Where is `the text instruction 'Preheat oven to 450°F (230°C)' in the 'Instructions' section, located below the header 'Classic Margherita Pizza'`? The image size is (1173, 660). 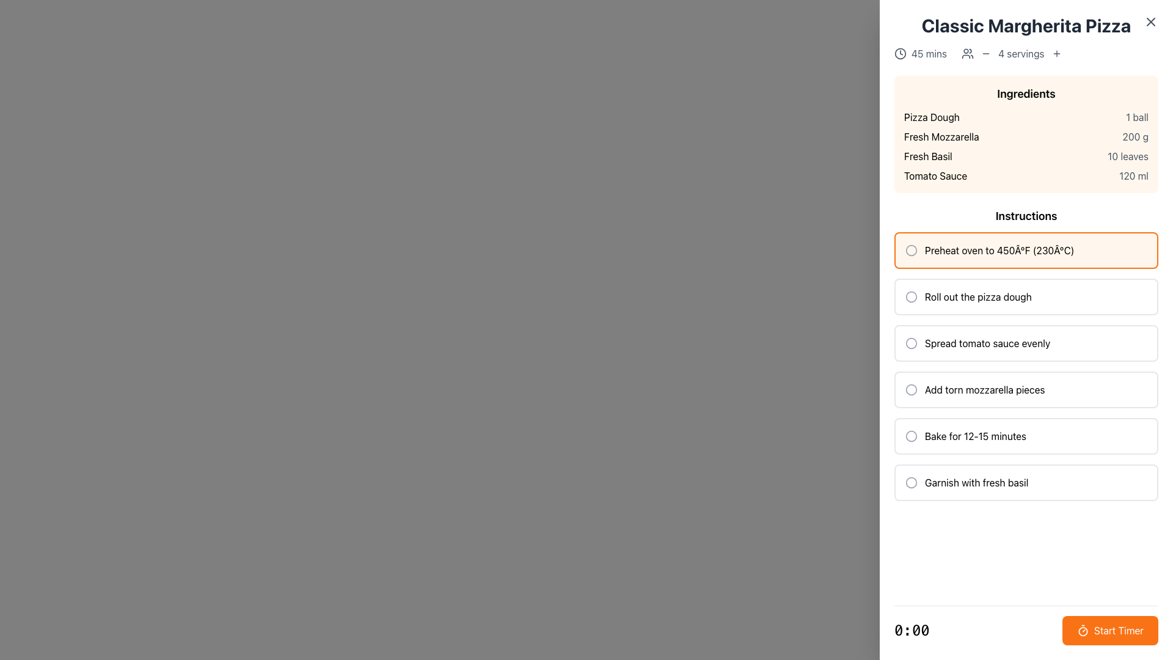
the text instruction 'Preheat oven to 450°F (230°C)' in the 'Instructions' section, located below the header 'Classic Margherita Pizza' is located at coordinates (1026, 249).